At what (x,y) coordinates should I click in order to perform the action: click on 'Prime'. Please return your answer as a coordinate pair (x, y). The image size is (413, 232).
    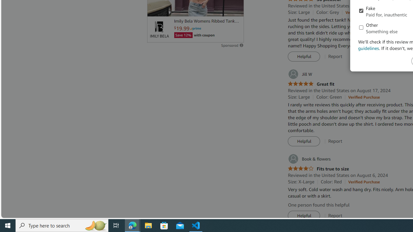
    Looking at the image, I should click on (195, 28).